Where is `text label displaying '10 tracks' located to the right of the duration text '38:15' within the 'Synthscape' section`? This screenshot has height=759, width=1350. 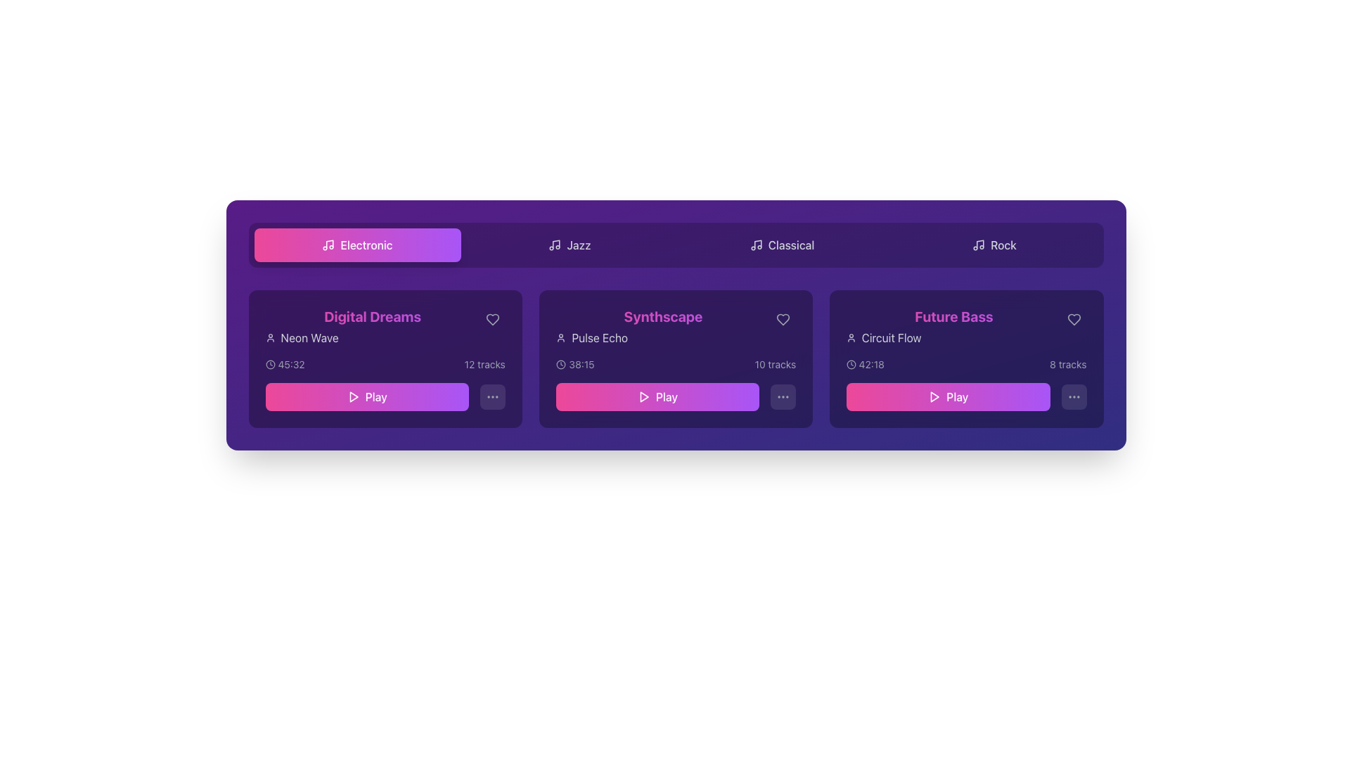
text label displaying '10 tracks' located to the right of the duration text '38:15' within the 'Synthscape' section is located at coordinates (774, 364).